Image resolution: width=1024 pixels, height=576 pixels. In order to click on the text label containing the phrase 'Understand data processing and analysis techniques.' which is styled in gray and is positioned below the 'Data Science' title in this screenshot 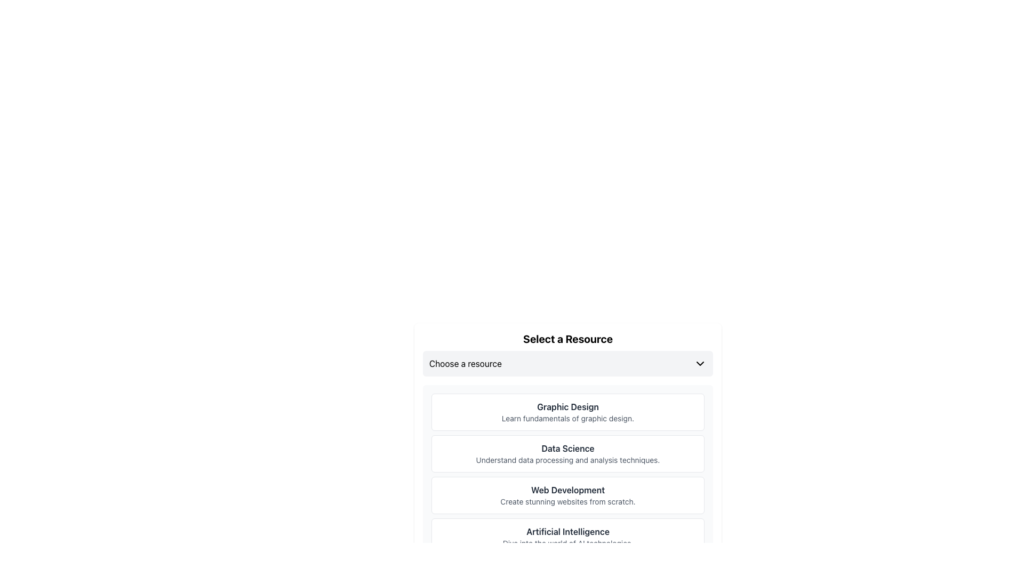, I will do `click(567, 460)`.